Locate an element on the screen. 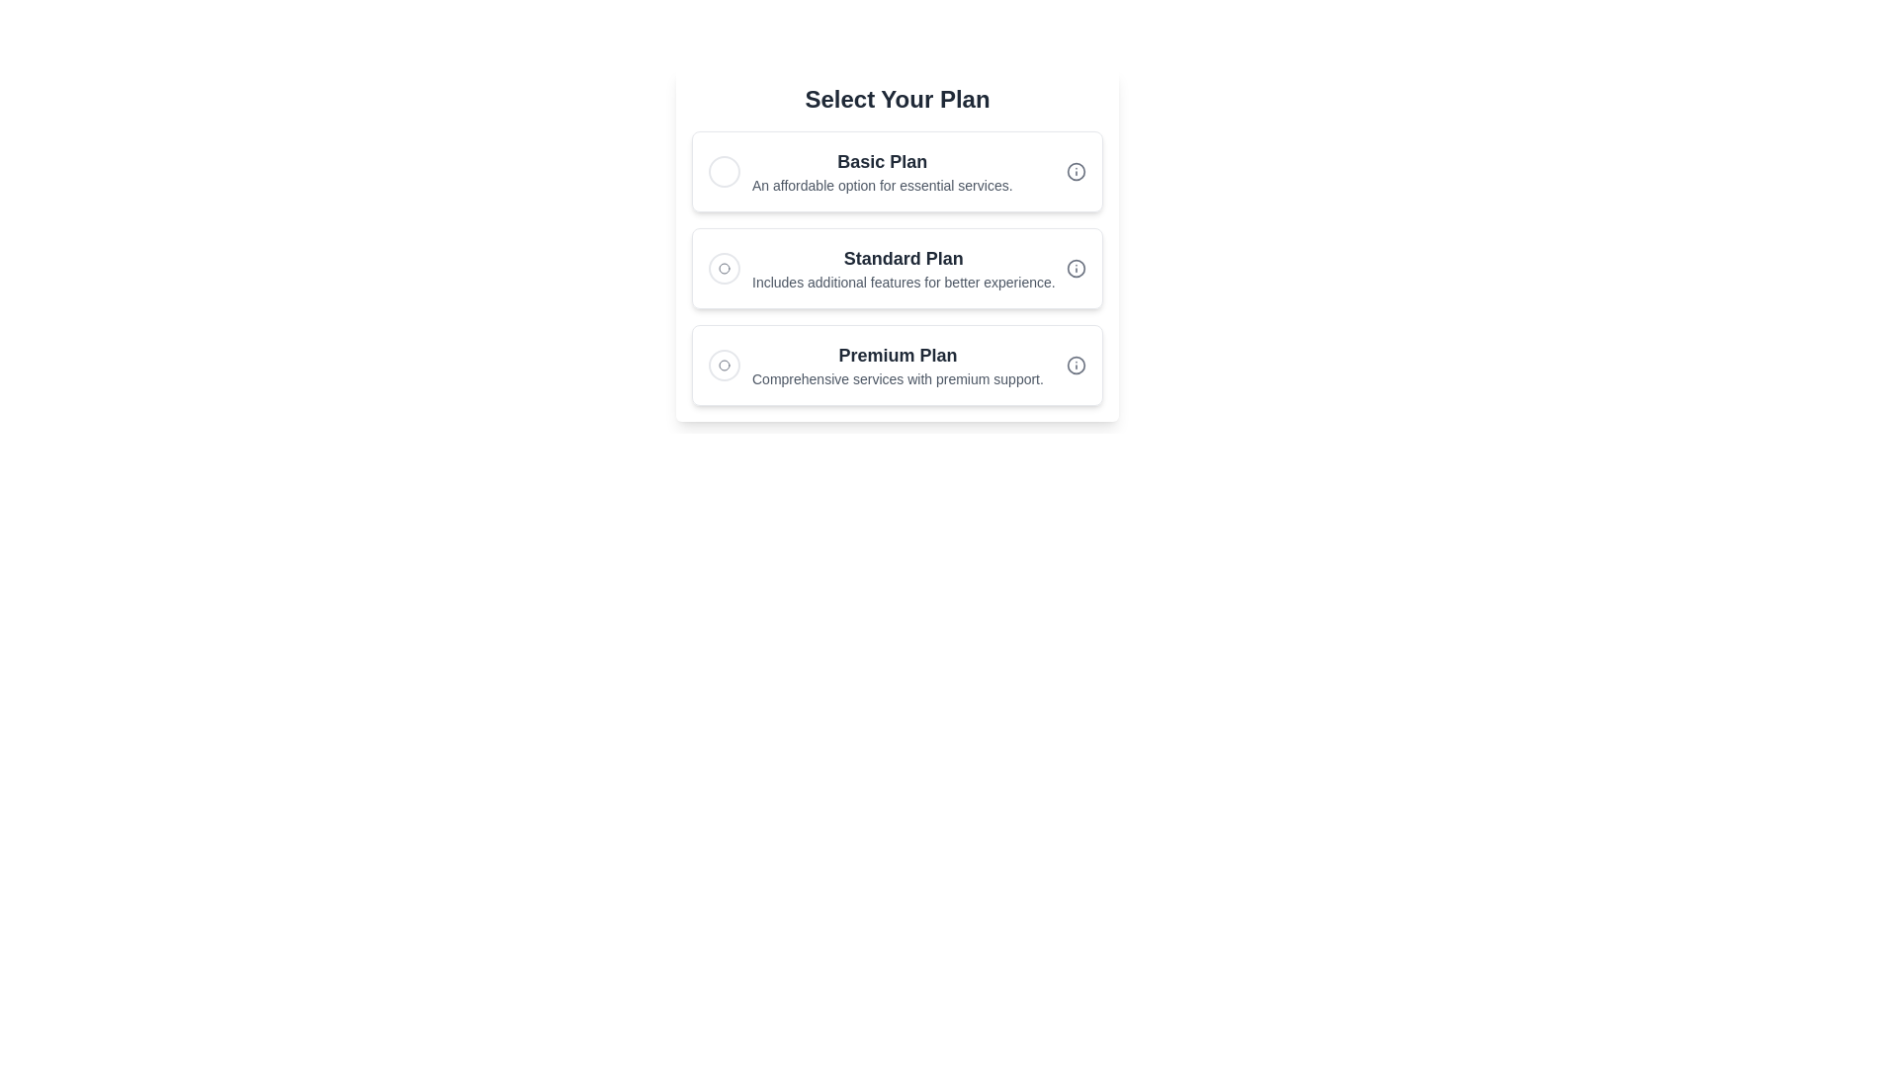 The width and height of the screenshot is (1898, 1067). the circular icon or radio-style indicator located to the left of the 'Standard Plan' text is located at coordinates (724, 269).